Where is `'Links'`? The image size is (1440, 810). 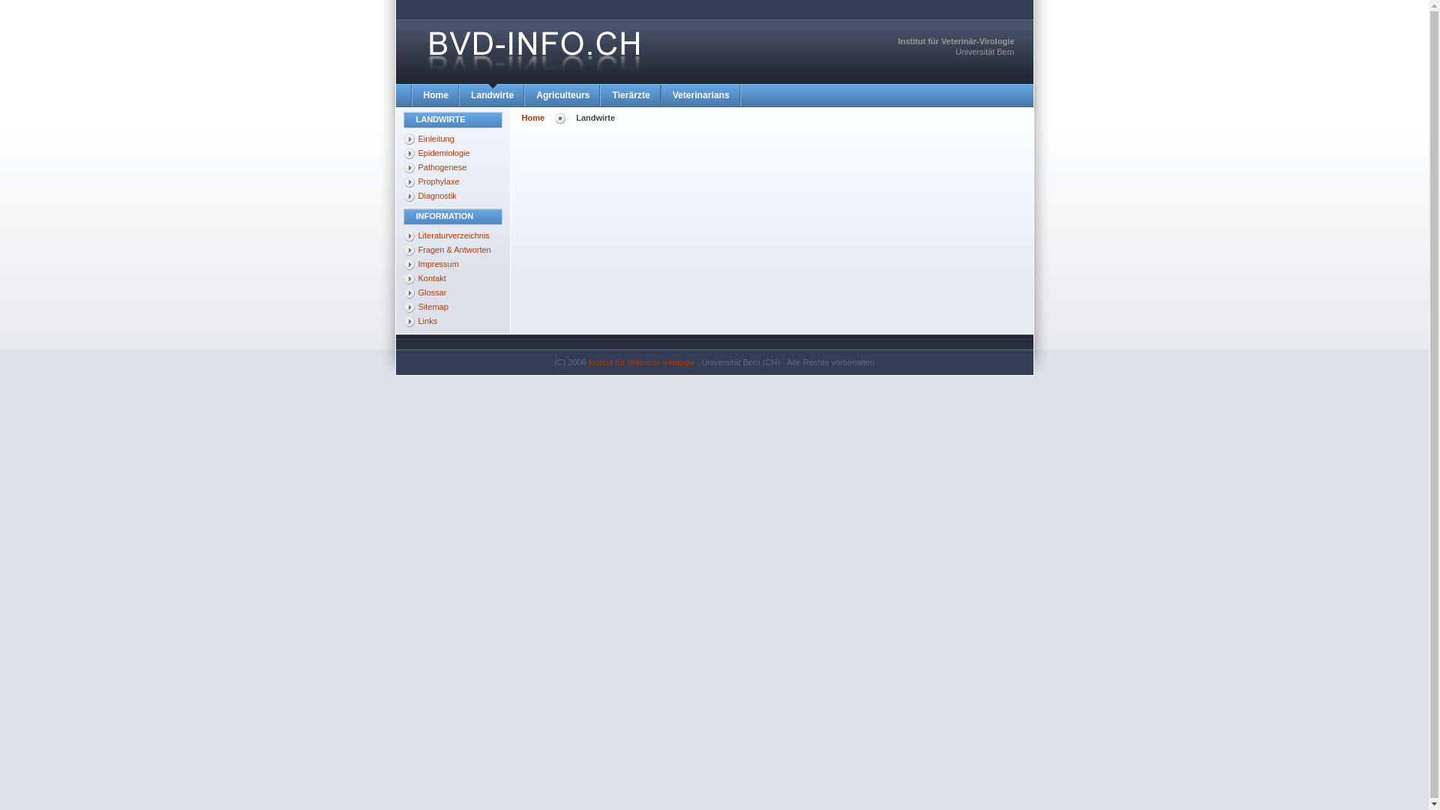
'Links' is located at coordinates (452, 320).